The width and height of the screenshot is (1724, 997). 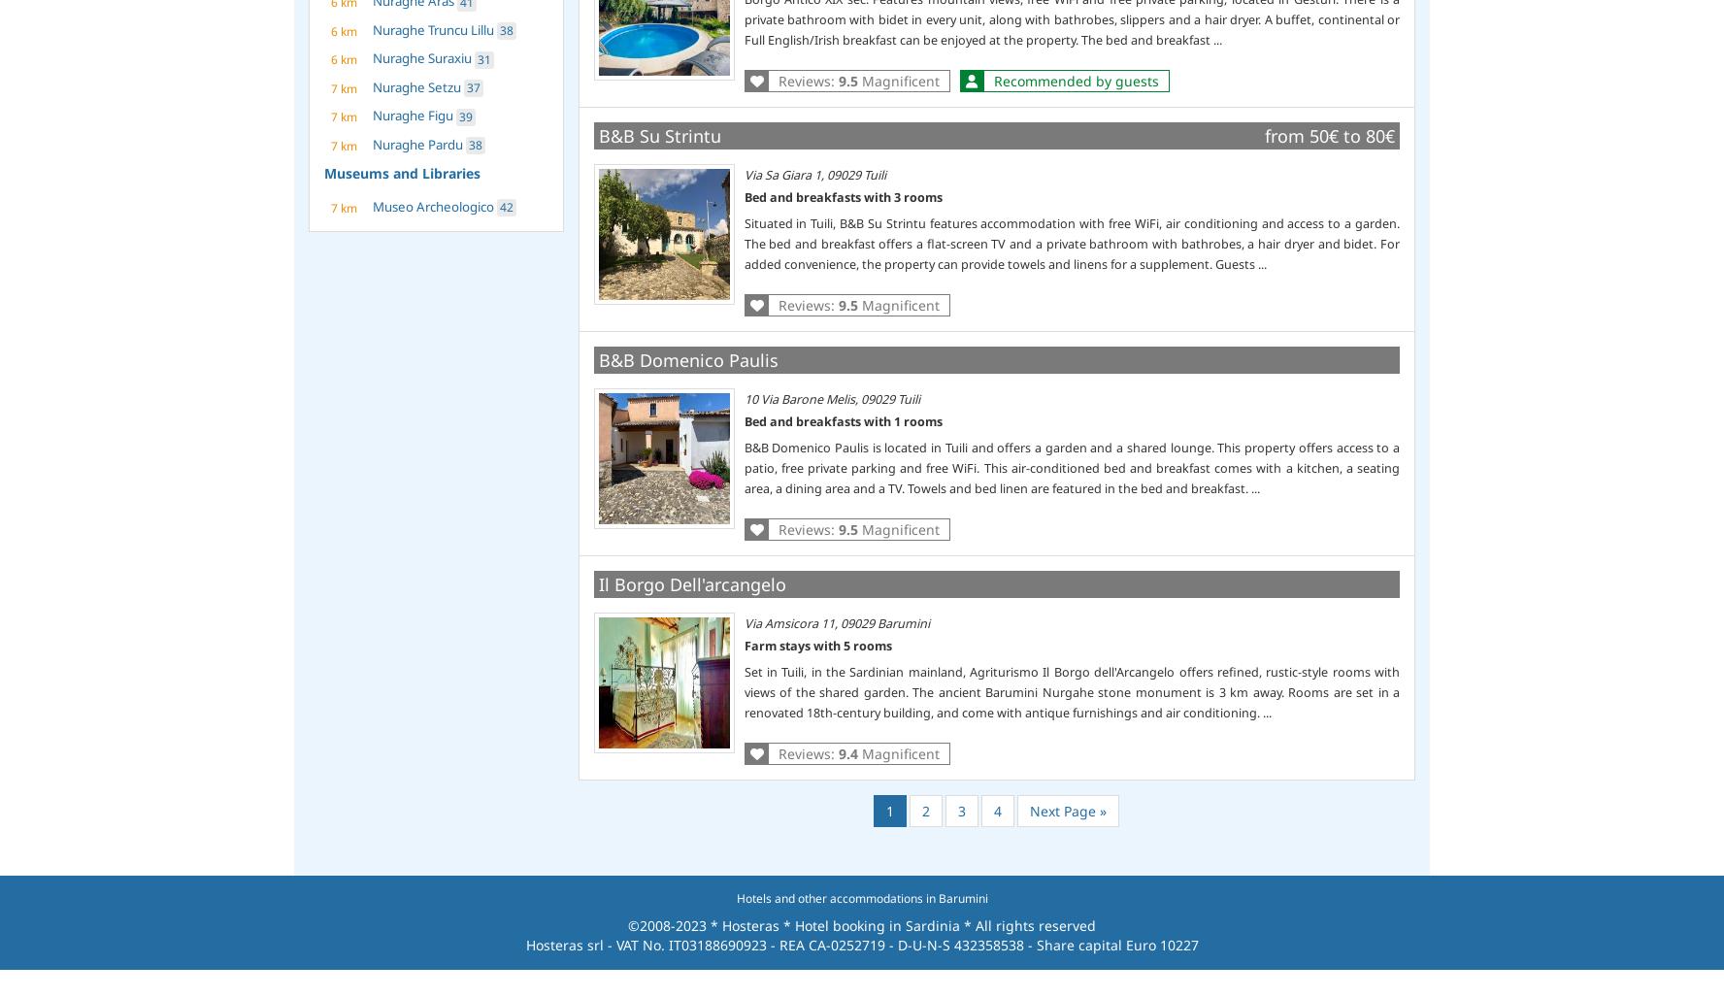 I want to click on '42', so click(x=499, y=206).